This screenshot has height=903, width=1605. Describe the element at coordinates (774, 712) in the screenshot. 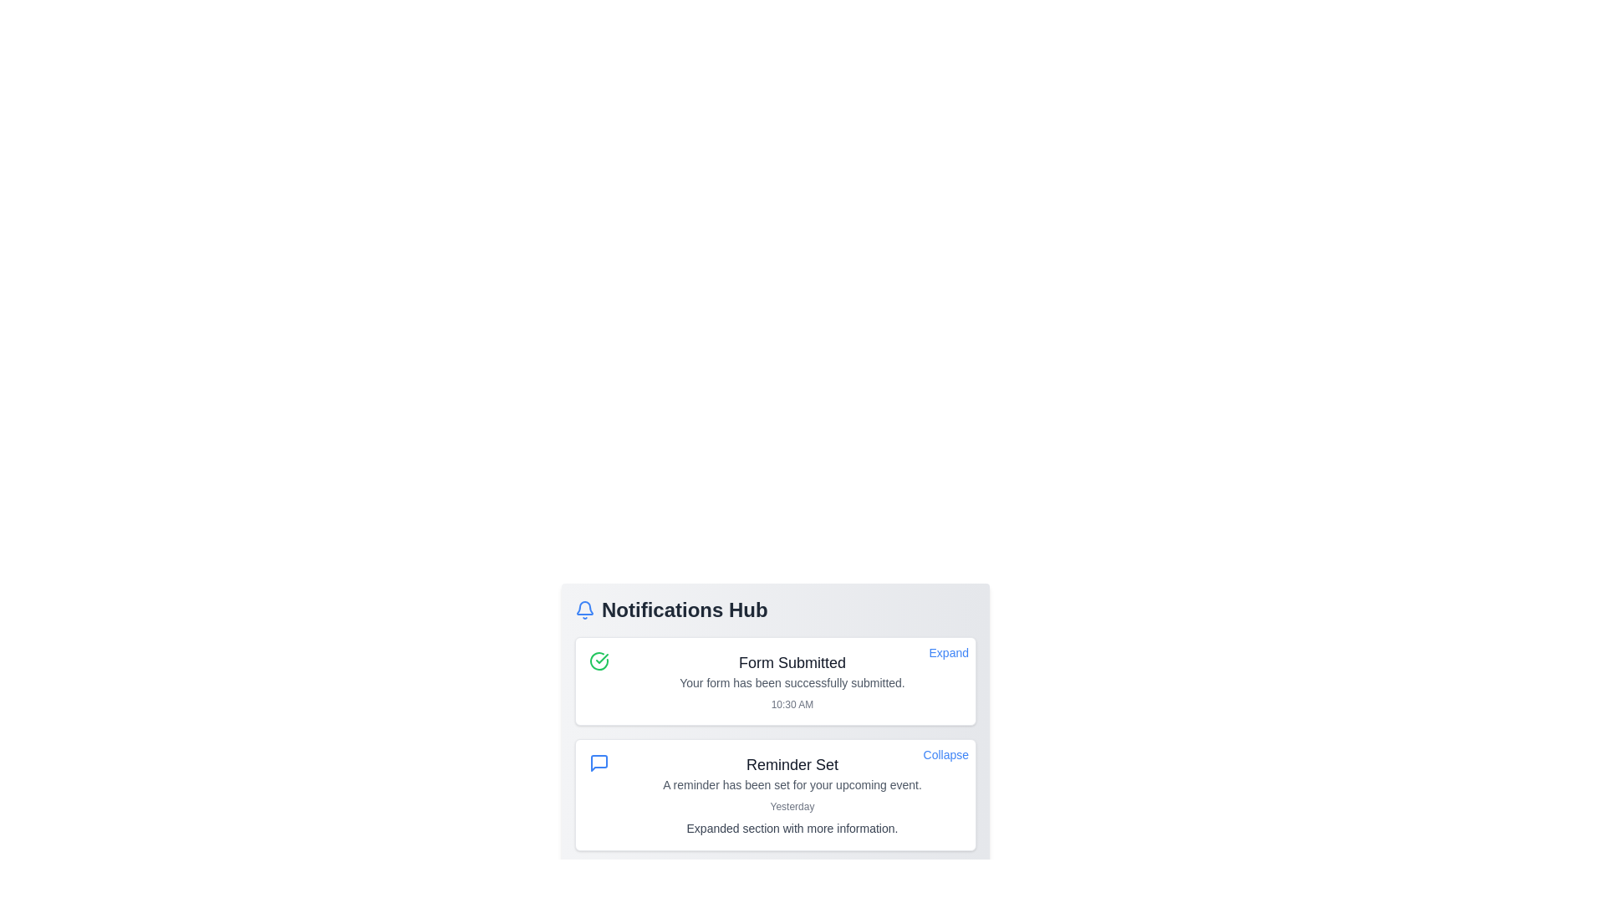

I see `the notification card titled 'Form Submitted' located in the Notifications Hub panel` at that location.